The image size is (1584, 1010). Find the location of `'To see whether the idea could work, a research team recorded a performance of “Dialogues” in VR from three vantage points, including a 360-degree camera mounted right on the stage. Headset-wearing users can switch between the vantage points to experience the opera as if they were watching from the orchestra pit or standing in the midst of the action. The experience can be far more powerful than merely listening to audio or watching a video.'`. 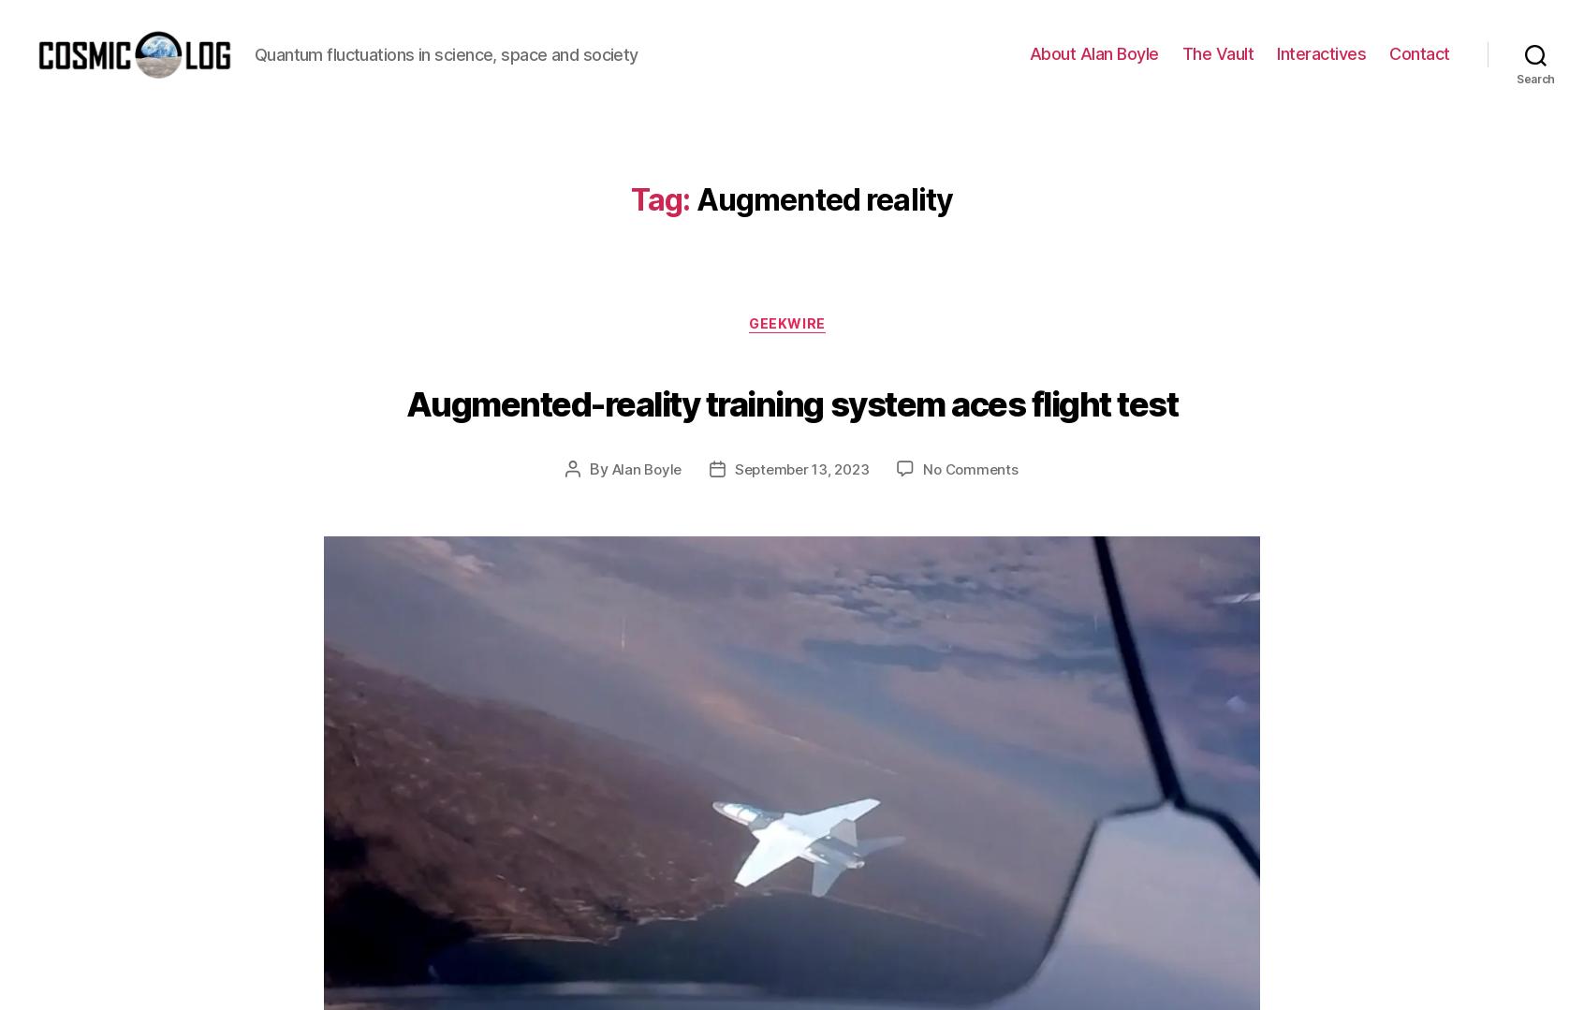

'To see whether the idea could work, a research team recorded a performance of “Dialogues” in VR from three vantage points, including a 360-degree camera mounted right on the stage. Headset-wearing users can switch between the vantage points to experience the opera as if they were watching from the orchestra pit or standing in the midst of the action. The experience can be far more powerful than merely listening to audio or watching a video.' is located at coordinates (785, 326).